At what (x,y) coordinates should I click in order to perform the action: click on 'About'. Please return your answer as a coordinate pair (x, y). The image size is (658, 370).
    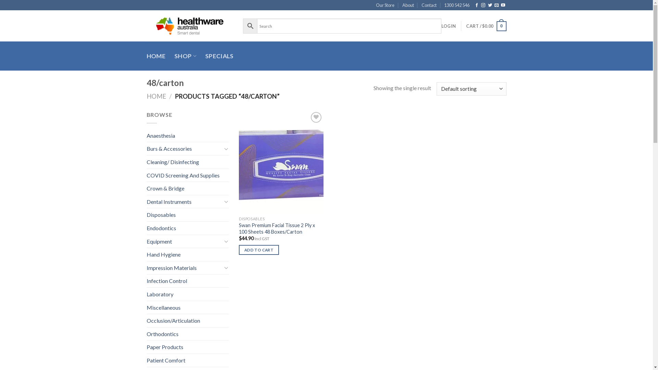
    Looking at the image, I should click on (408, 5).